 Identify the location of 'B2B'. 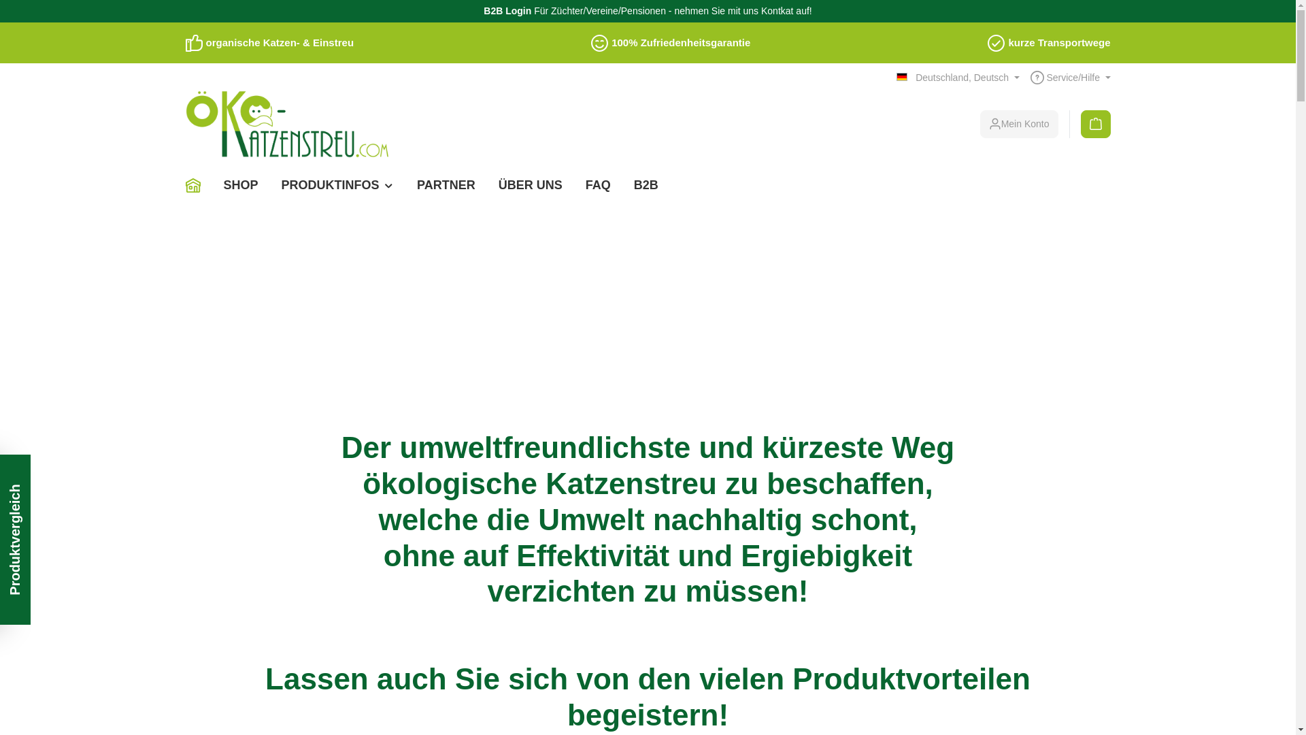
(646, 185).